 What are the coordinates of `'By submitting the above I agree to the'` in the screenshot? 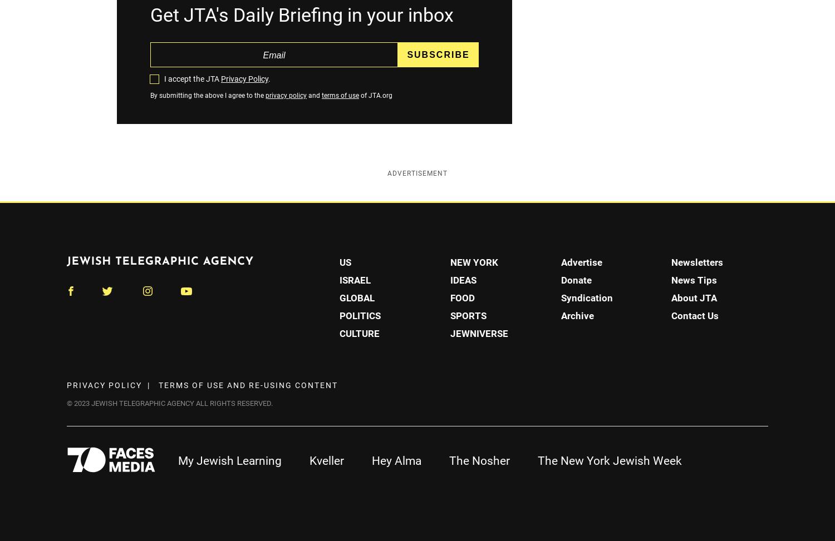 It's located at (150, 96).